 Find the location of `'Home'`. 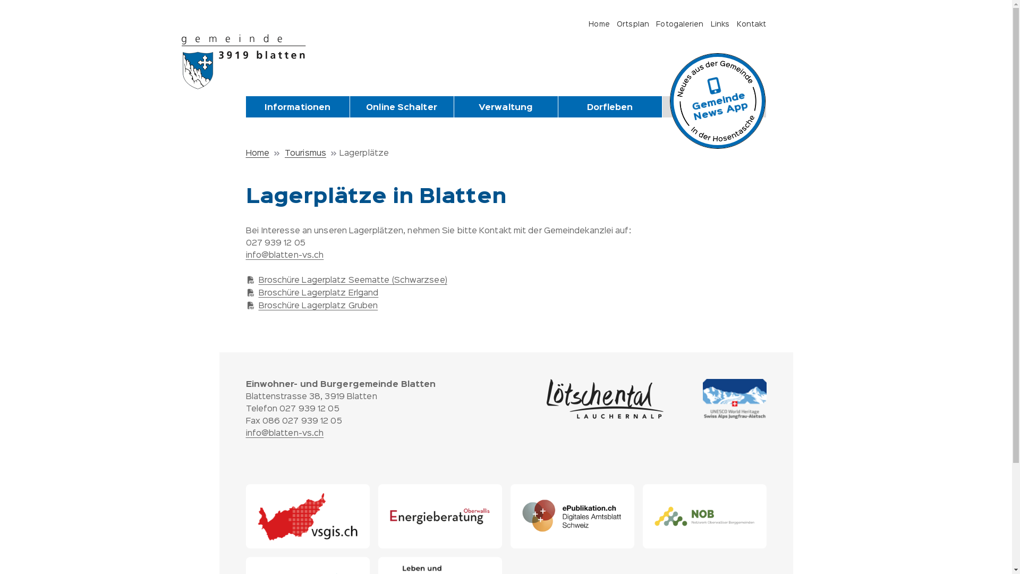

'Home' is located at coordinates (263, 154).